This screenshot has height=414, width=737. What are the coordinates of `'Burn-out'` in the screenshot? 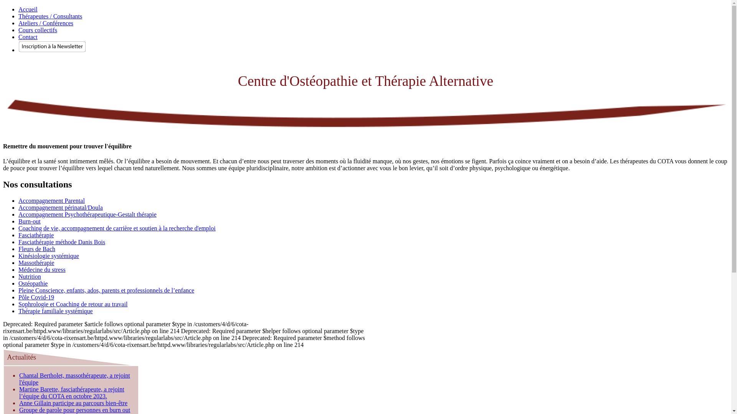 It's located at (29, 221).